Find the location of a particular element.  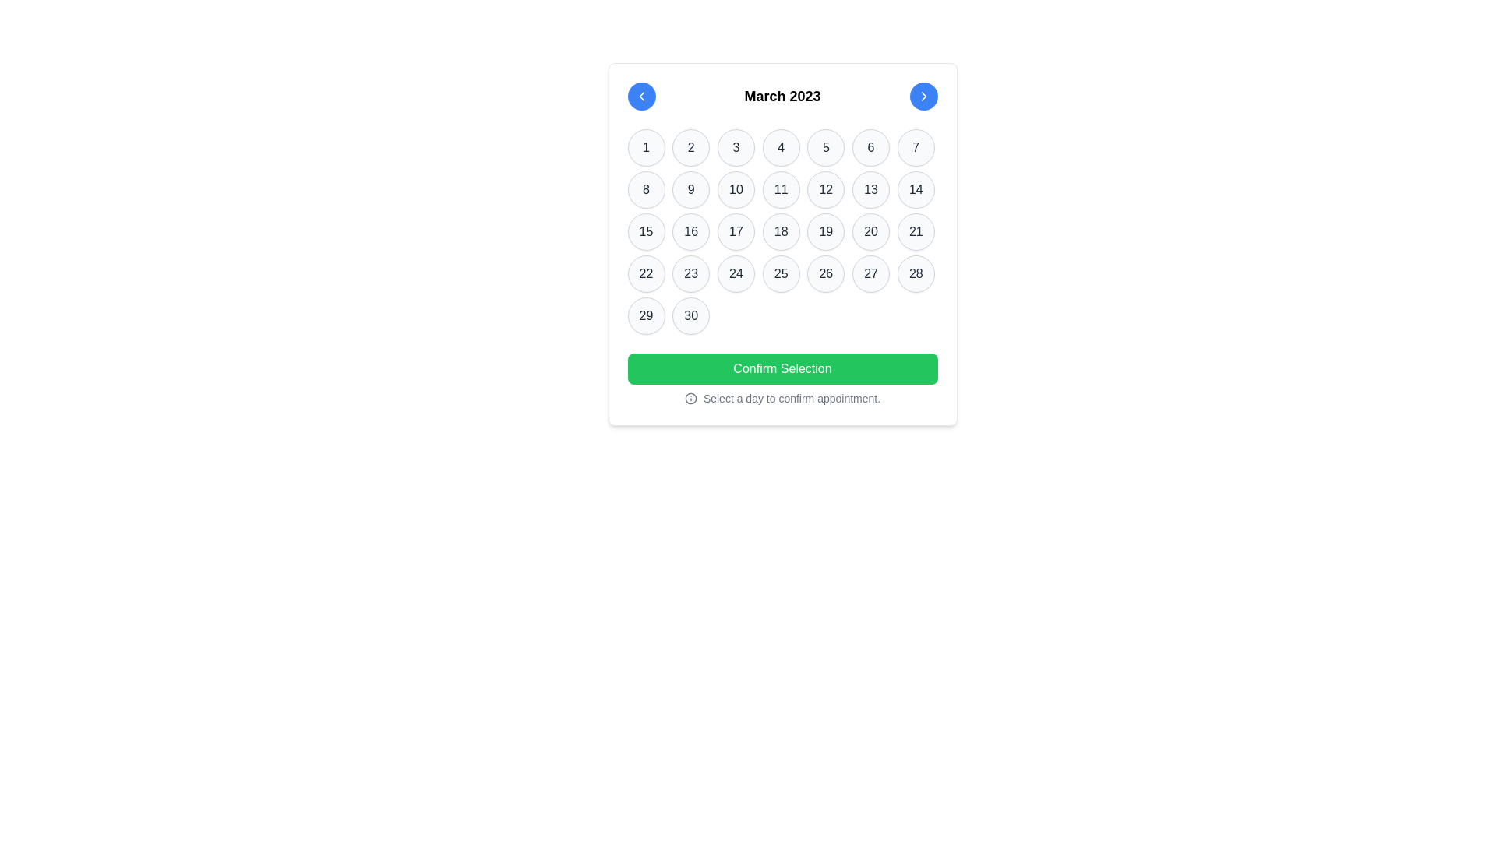

the right-pointing chevron icon located inside a circular blue button on the right side of the calendar header is located at coordinates (923, 96).